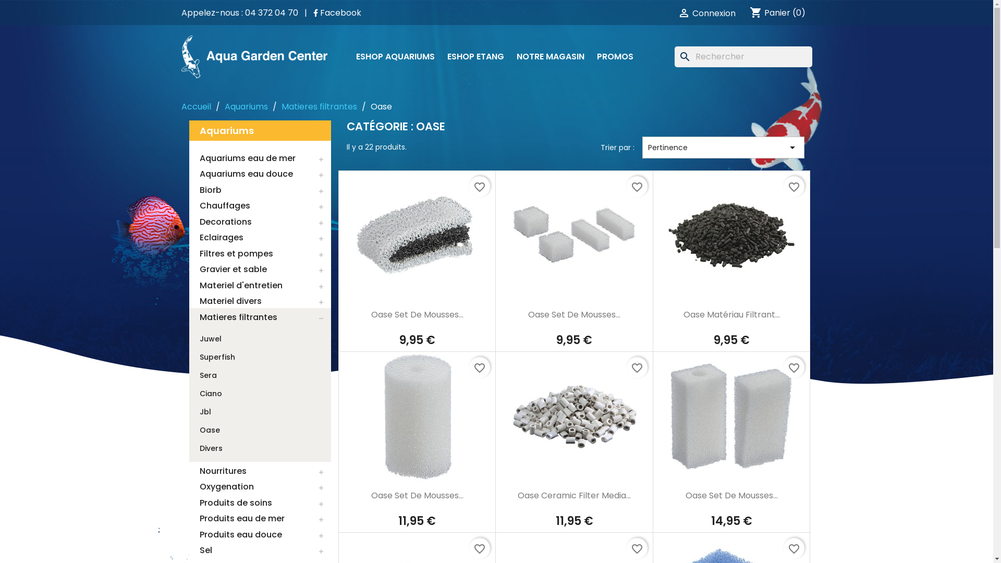 The height and width of the screenshot is (563, 1001). What do you see at coordinates (475, 56) in the screenshot?
I see `'ESHOP ETANG'` at bounding box center [475, 56].